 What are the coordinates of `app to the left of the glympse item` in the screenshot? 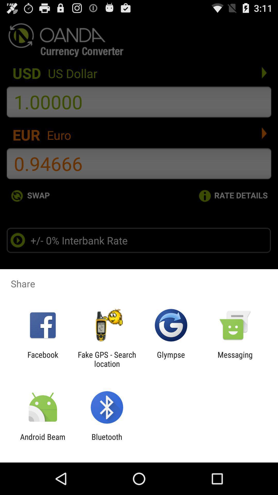 It's located at (107, 359).